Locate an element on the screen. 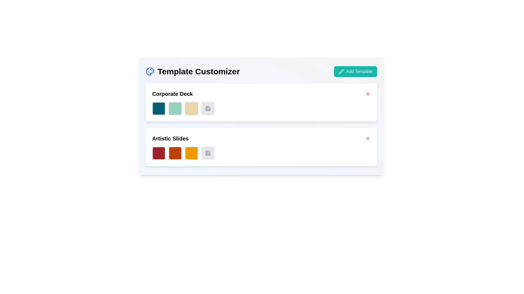  the red cross icon button located to the right of the 'Corporate Deck' heading is located at coordinates (368, 93).